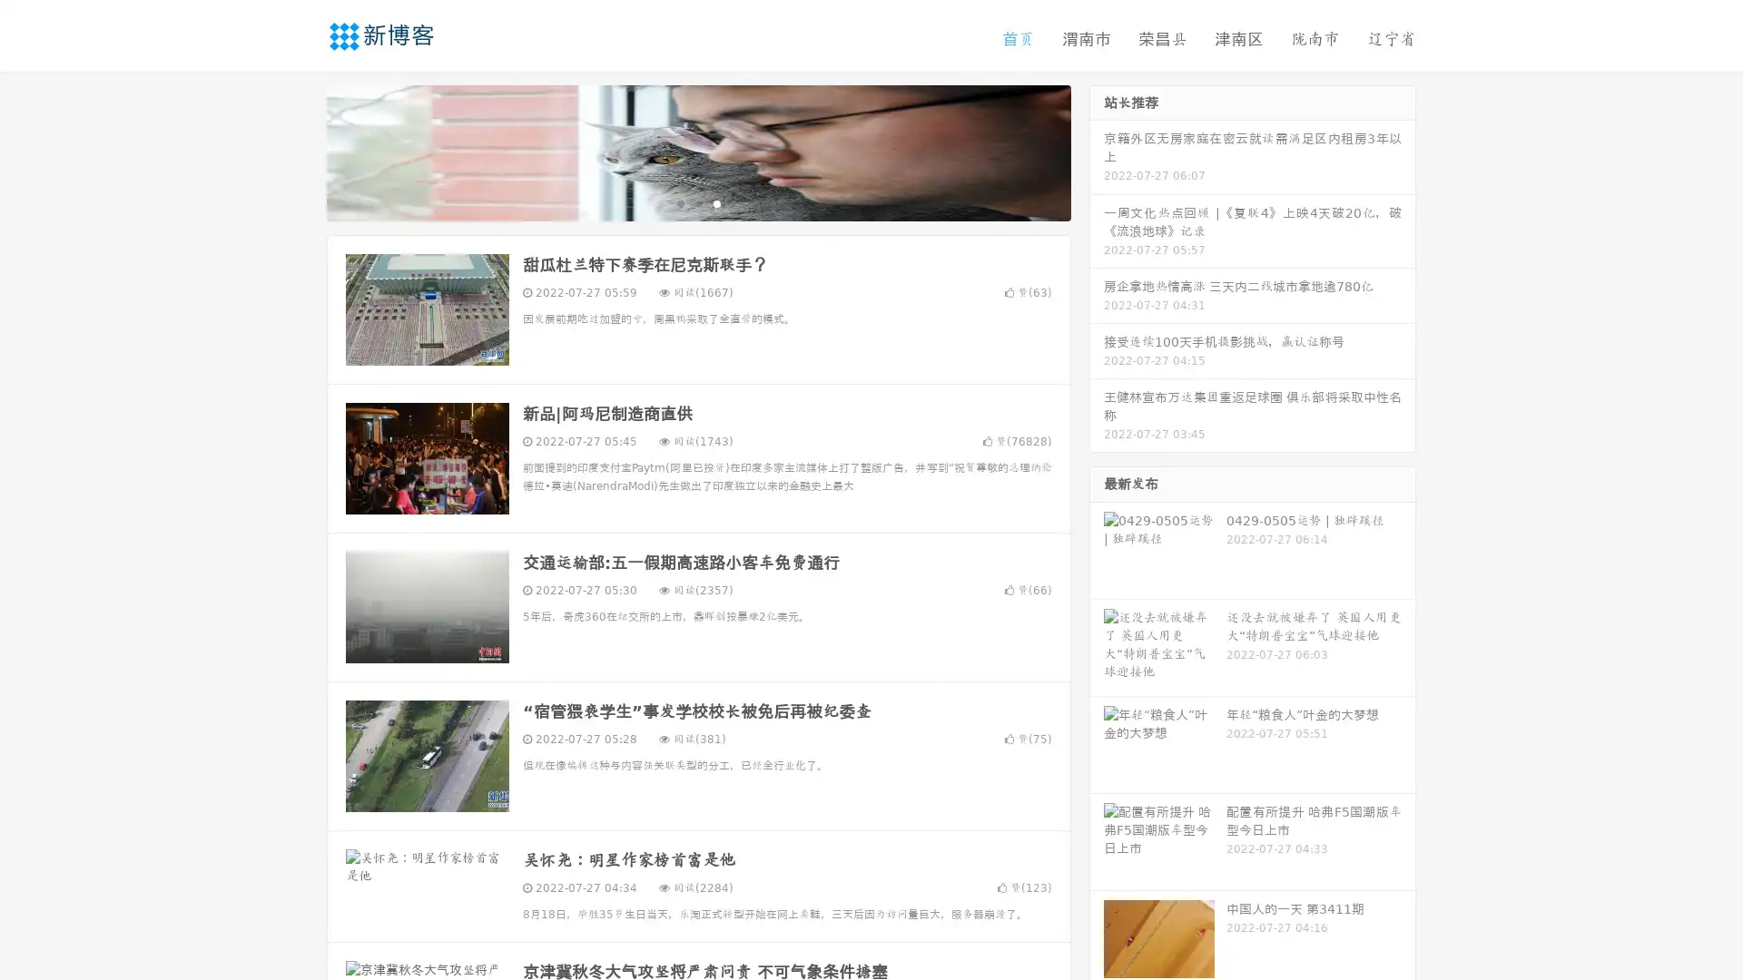  What do you see at coordinates (716, 204) in the screenshot?
I see `Go to slide 3` at bounding box center [716, 204].